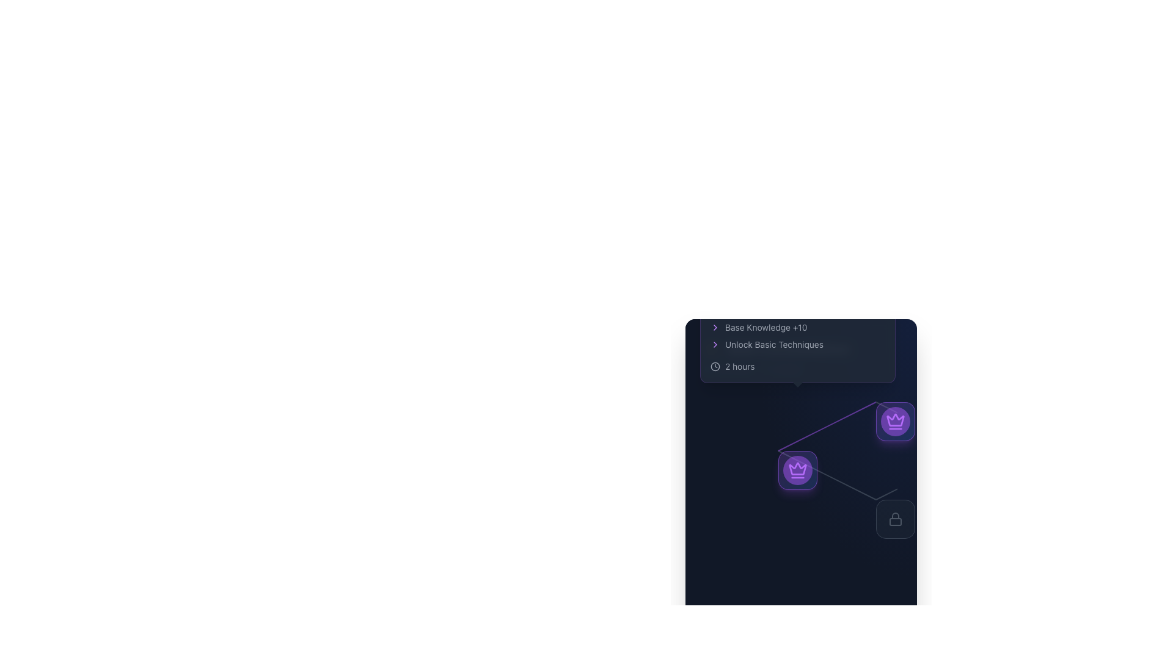 This screenshot has width=1173, height=659. What do you see at coordinates (827, 475) in the screenshot?
I see `the connector line that visually represents a relationship between two crown-badge icons, located at the bottom-left corner of the interface` at bounding box center [827, 475].